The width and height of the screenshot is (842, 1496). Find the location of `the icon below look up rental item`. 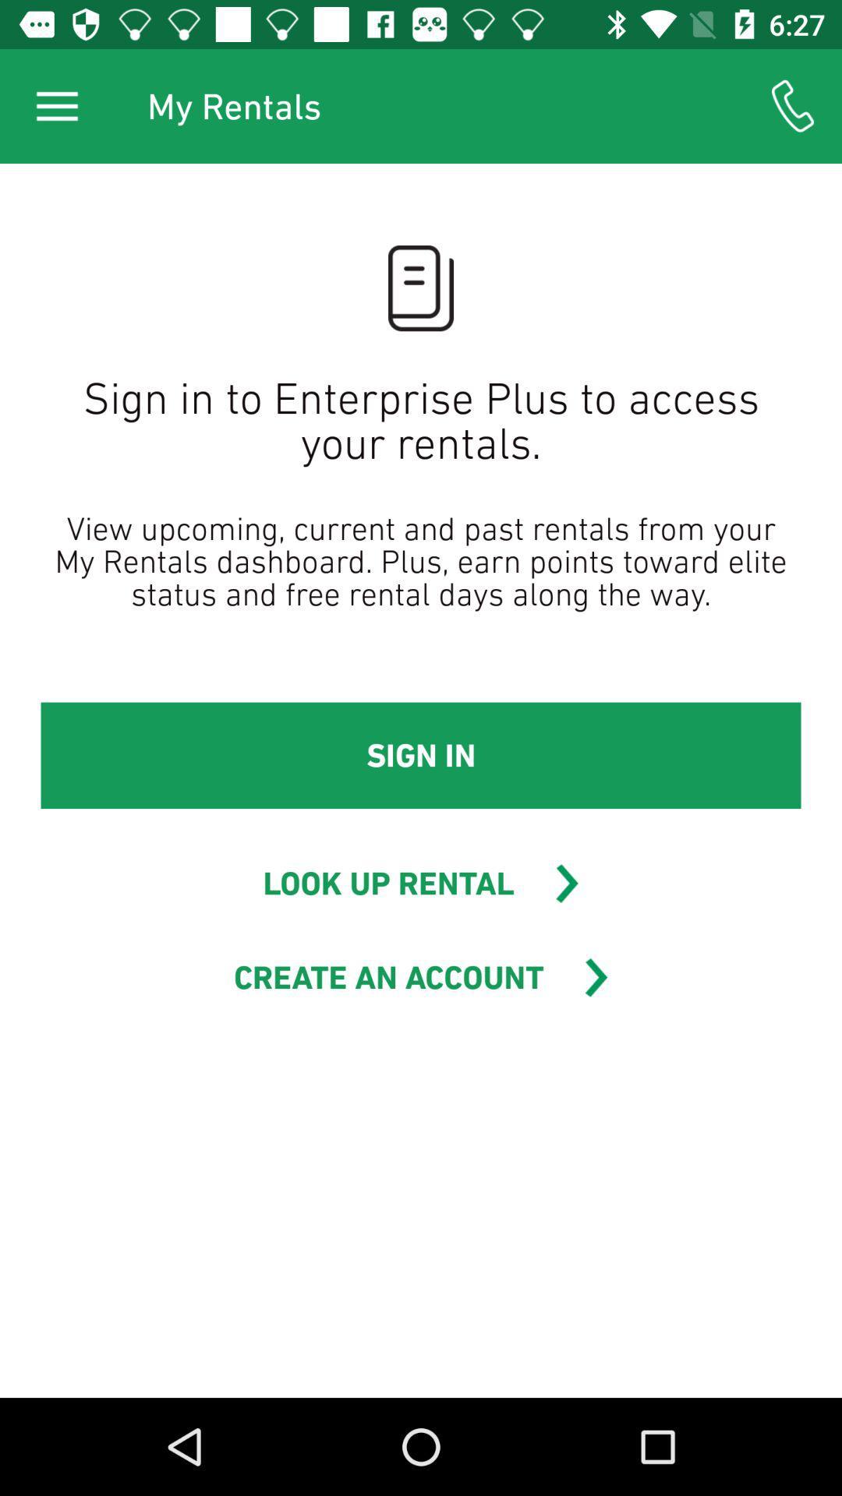

the icon below look up rental item is located at coordinates (387, 976).